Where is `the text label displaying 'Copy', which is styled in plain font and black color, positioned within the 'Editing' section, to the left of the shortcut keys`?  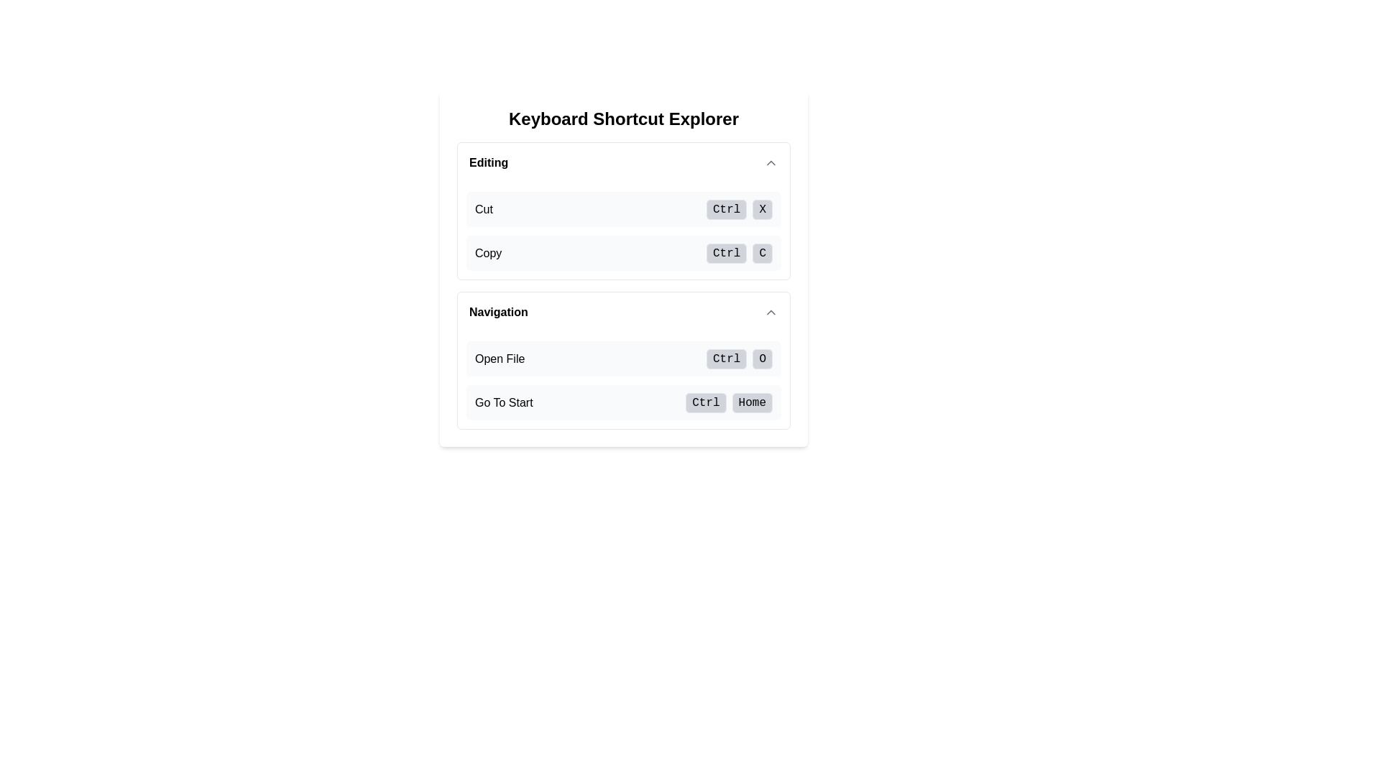 the text label displaying 'Copy', which is styled in plain font and black color, positioned within the 'Editing' section, to the left of the shortcut keys is located at coordinates (488, 252).